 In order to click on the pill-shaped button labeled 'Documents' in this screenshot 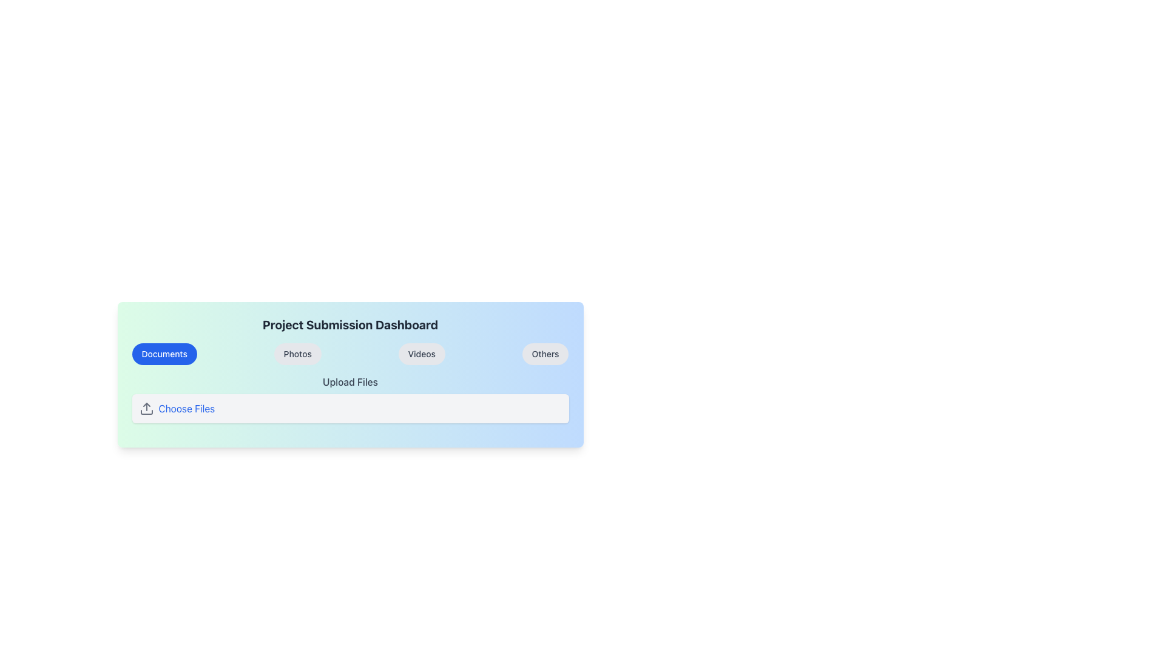, I will do `click(164, 354)`.